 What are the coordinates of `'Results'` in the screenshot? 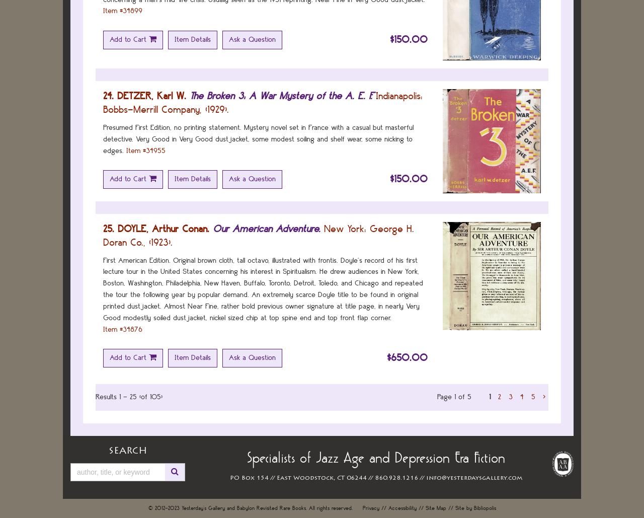 It's located at (106, 397).